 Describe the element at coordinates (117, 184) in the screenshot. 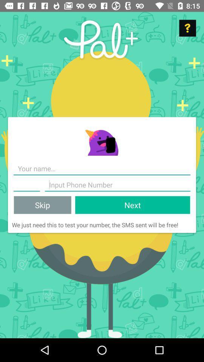

I see `item above skip item` at that location.